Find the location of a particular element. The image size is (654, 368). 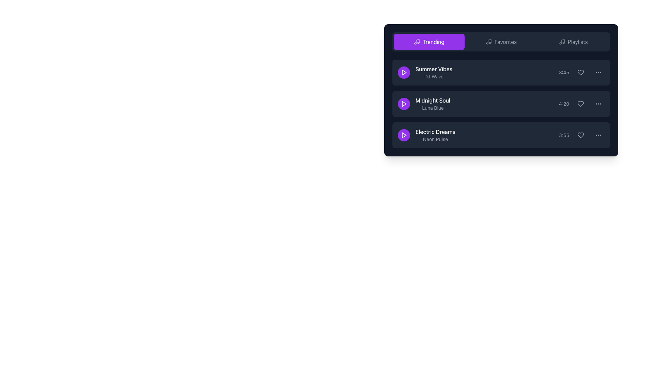

the 'Favorites' button located in the middle of the button group at the top of the panel is located at coordinates (501, 42).